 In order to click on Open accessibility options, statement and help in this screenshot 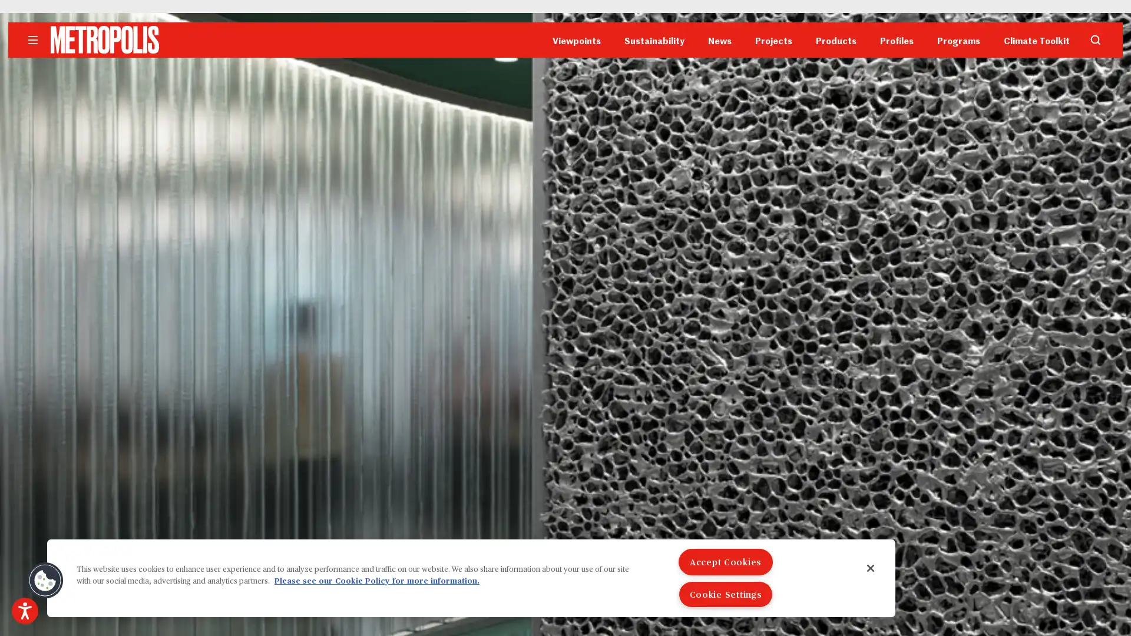, I will do `click(25, 610)`.